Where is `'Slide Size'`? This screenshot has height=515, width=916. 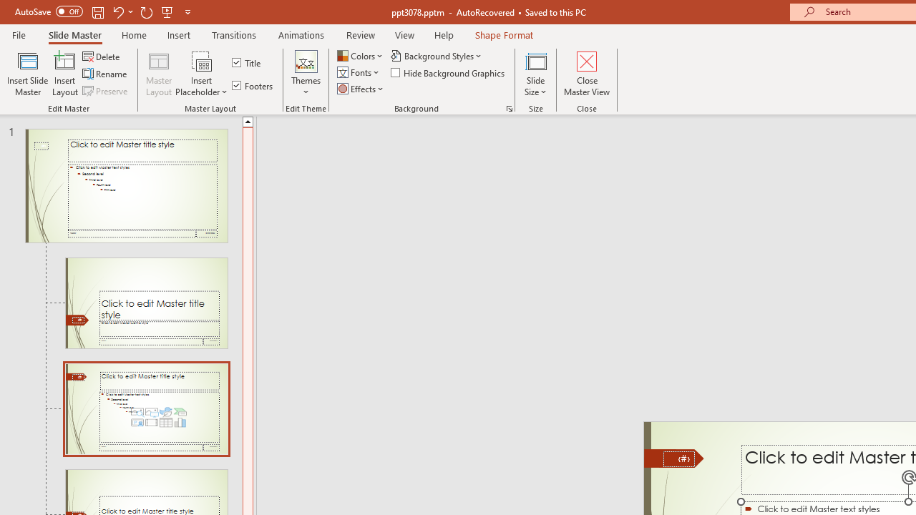
'Slide Size' is located at coordinates (535, 74).